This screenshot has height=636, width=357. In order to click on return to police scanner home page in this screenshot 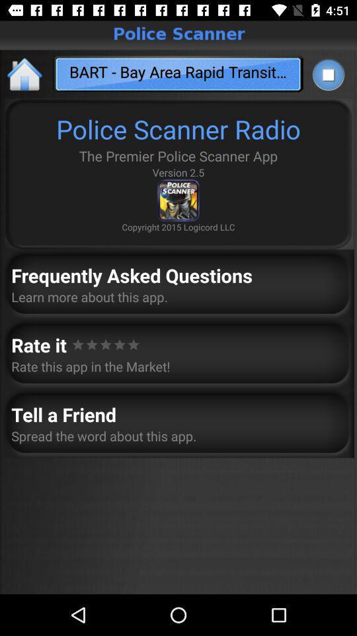, I will do `click(25, 74)`.